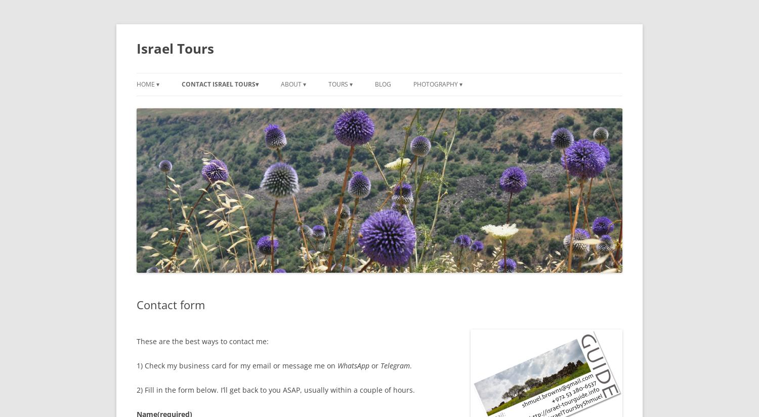 This screenshot has width=759, height=417. What do you see at coordinates (137, 341) in the screenshot?
I see `'These are the best ways to contact me:'` at bounding box center [137, 341].